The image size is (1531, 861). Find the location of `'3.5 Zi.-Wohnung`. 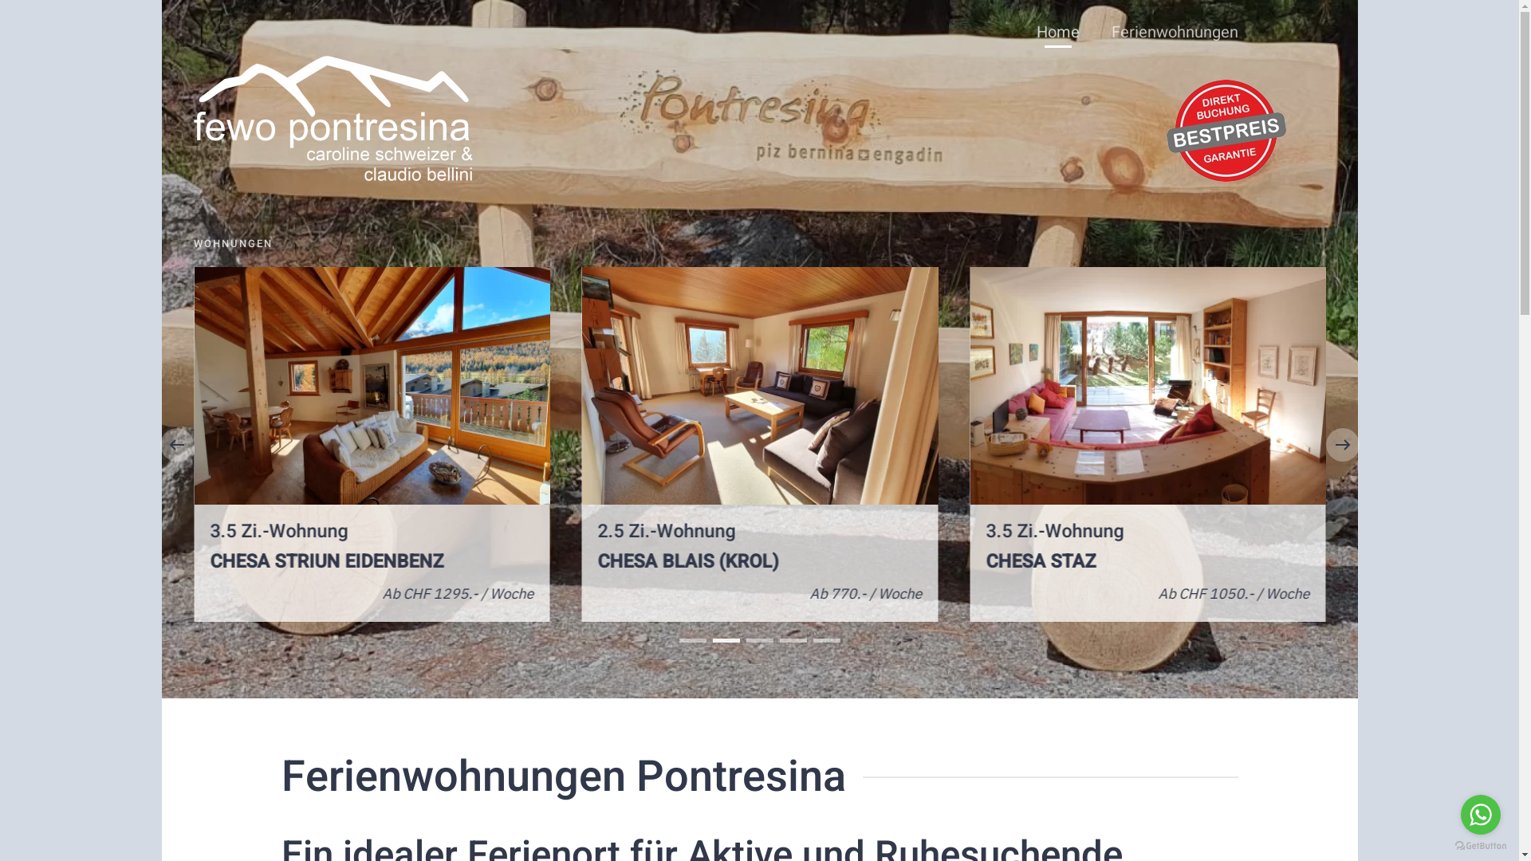

'3.5 Zi.-Wohnung is located at coordinates (1147, 444).